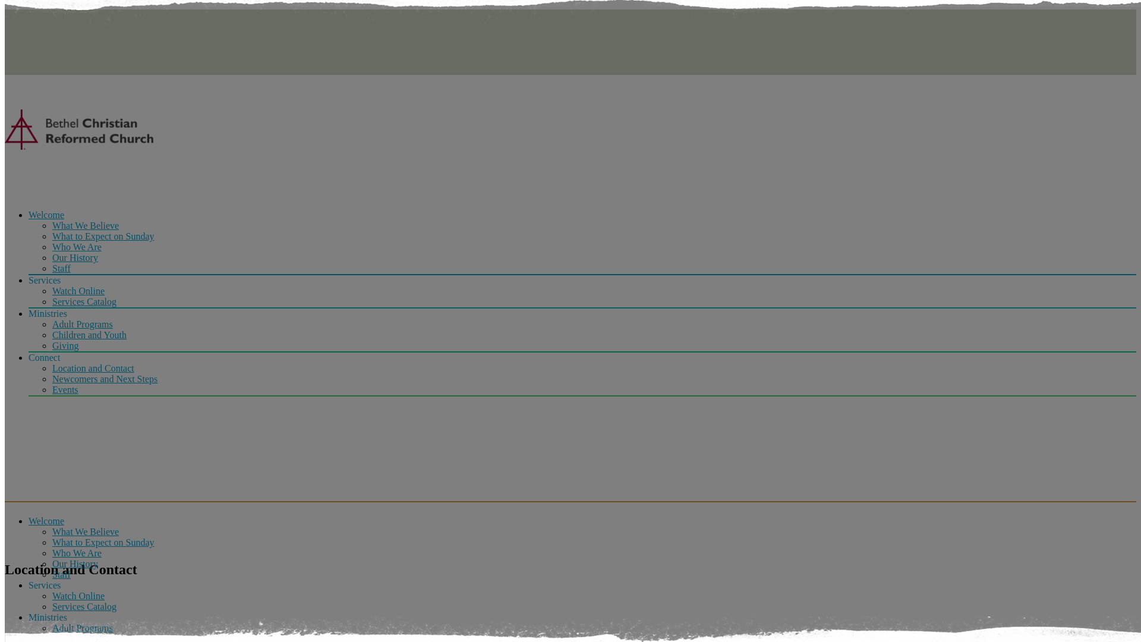 The width and height of the screenshot is (1141, 642). I want to click on 'Adult Programs', so click(82, 627).